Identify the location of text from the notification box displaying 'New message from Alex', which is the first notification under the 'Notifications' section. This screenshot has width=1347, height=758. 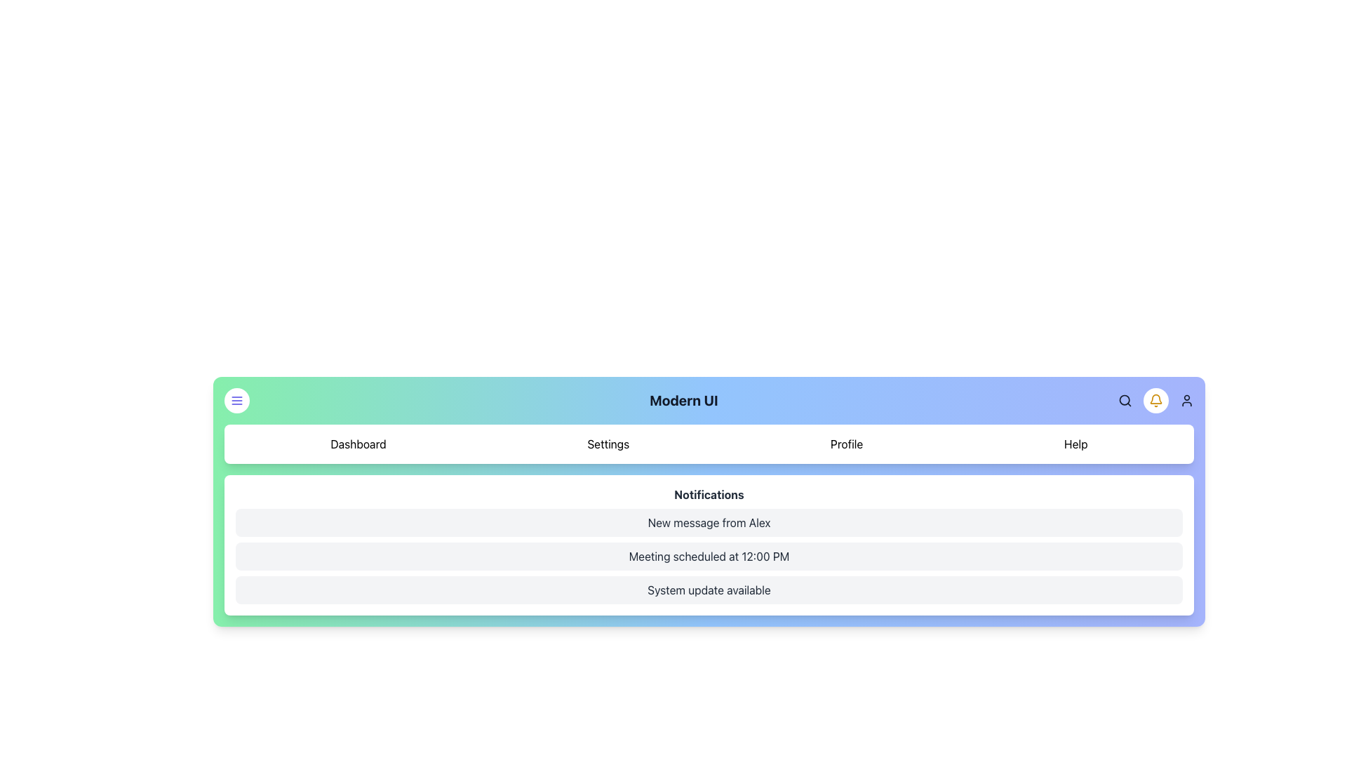
(709, 522).